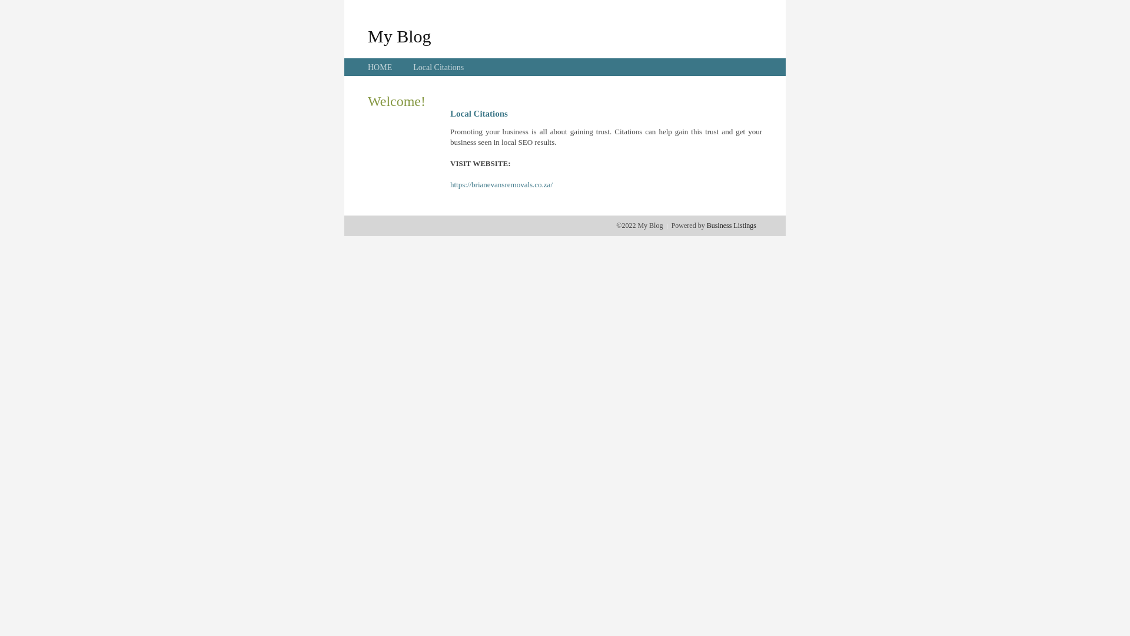 Image resolution: width=1130 pixels, height=636 pixels. I want to click on 'Business Listings', so click(706, 225).